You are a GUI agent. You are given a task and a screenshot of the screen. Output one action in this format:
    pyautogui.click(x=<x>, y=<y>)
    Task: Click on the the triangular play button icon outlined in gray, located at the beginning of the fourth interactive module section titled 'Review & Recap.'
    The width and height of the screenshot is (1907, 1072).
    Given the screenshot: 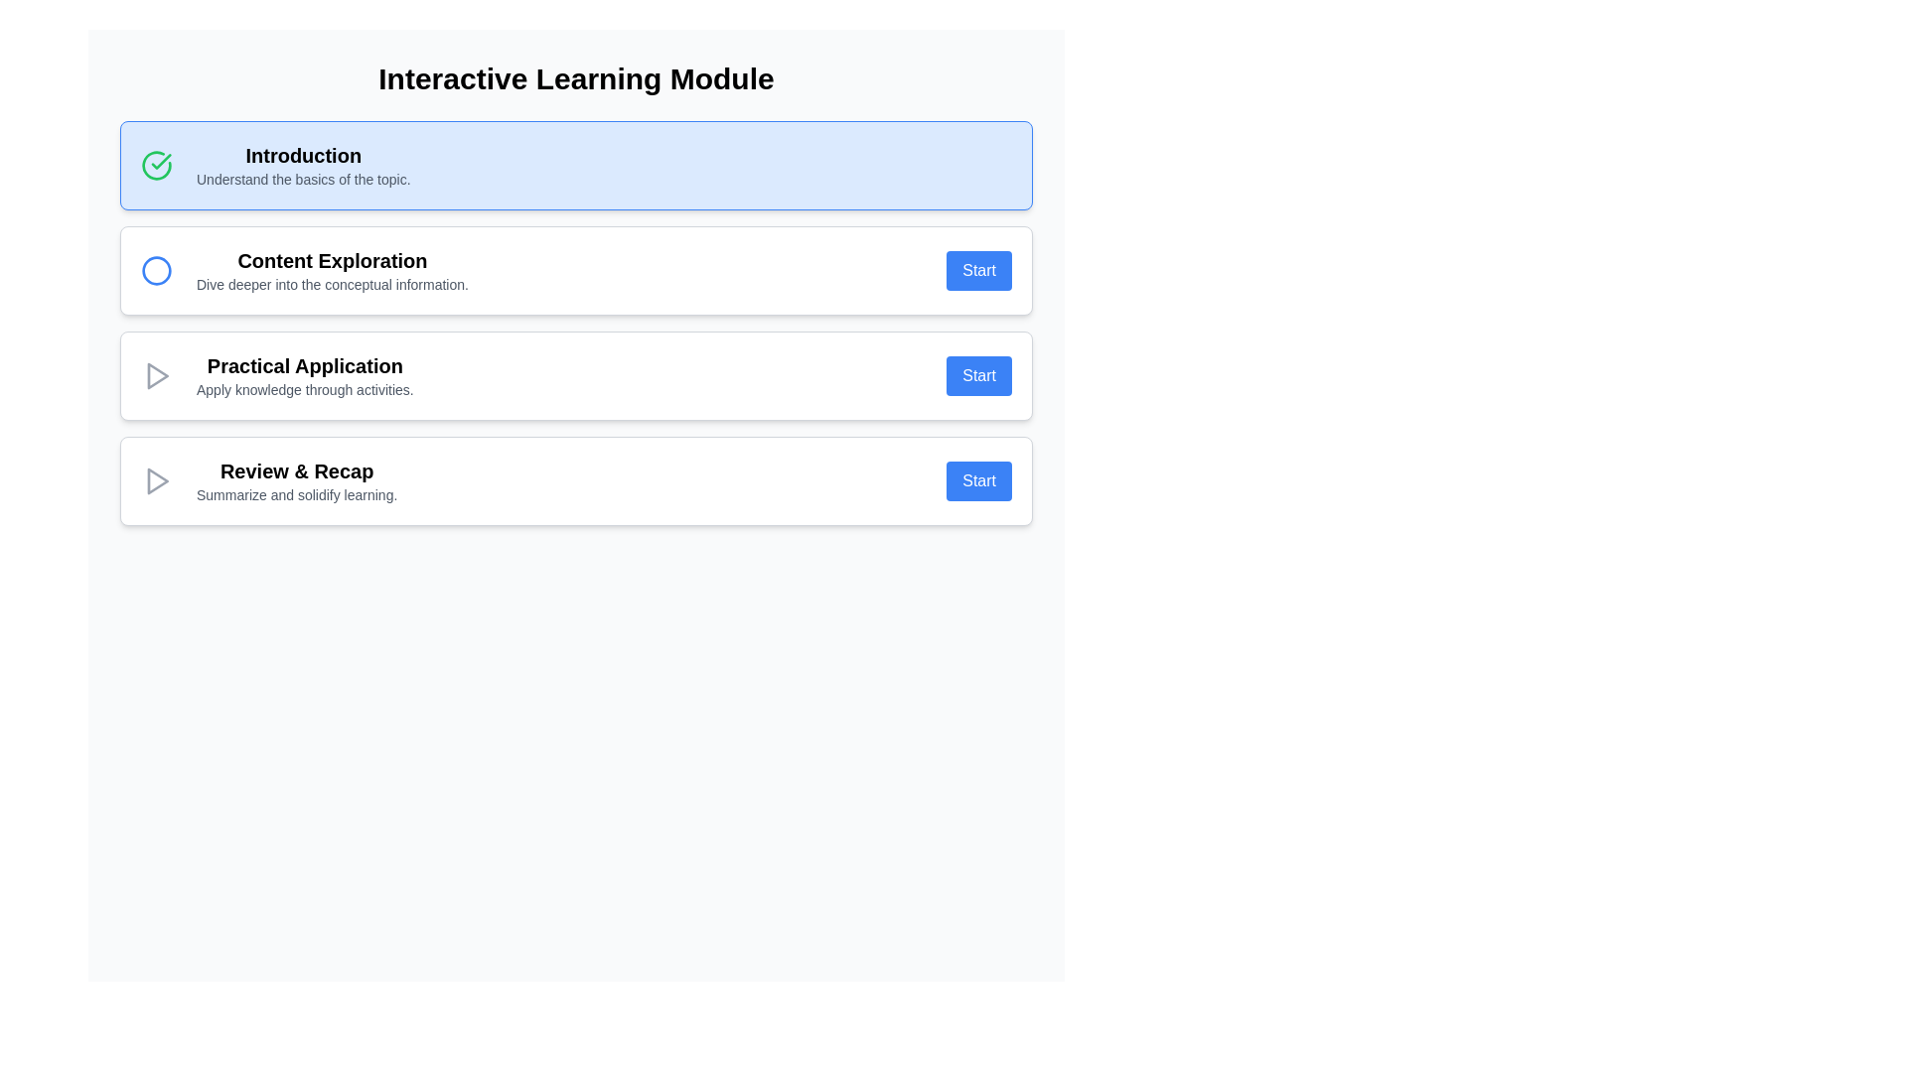 What is the action you would take?
    pyautogui.click(x=156, y=481)
    